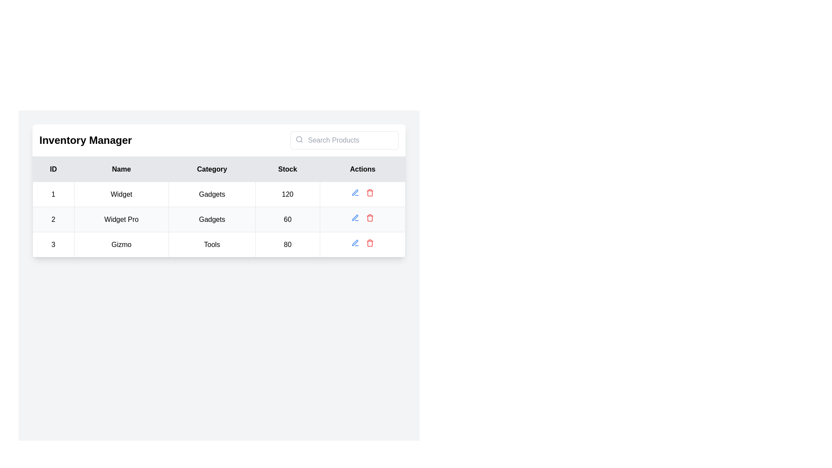  Describe the element at coordinates (355, 192) in the screenshot. I see `the Icon Button located in the 'Actions' column of the second row in the table to observe hover styling effects` at that location.